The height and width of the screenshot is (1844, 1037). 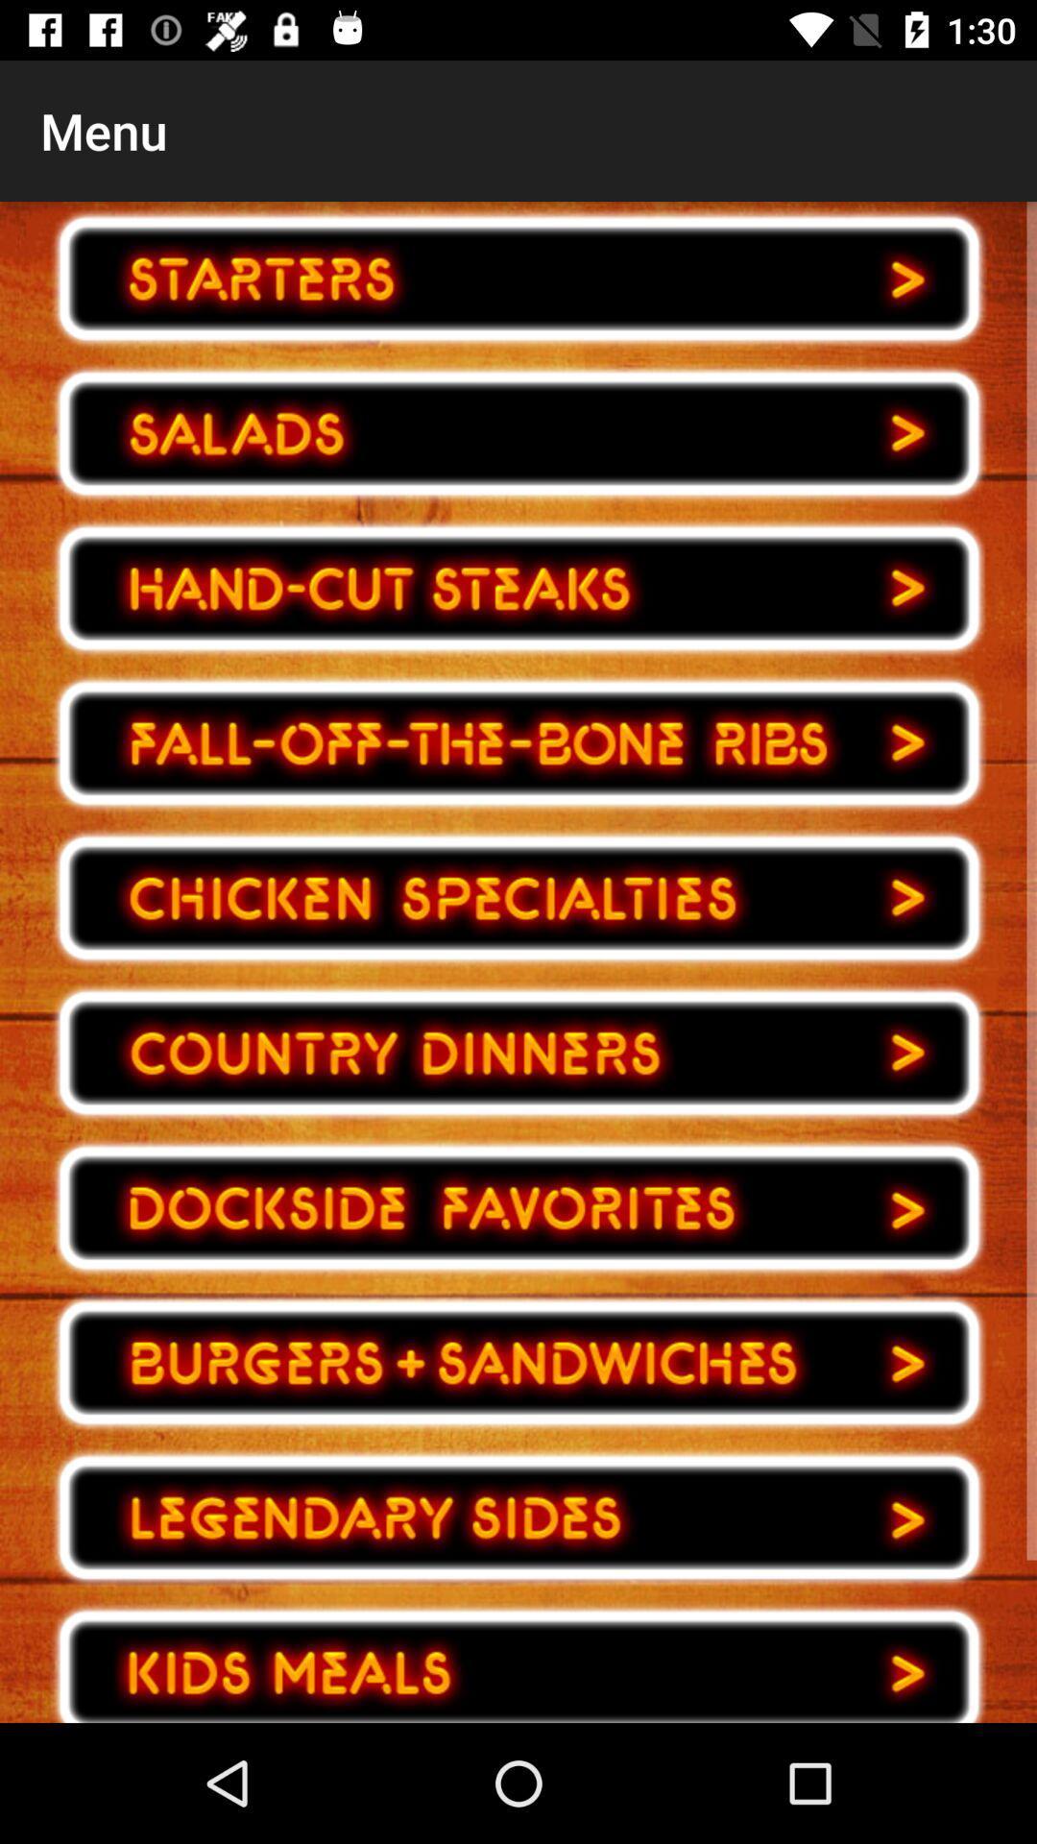 What do you see at coordinates (518, 1052) in the screenshot?
I see `country dinners` at bounding box center [518, 1052].